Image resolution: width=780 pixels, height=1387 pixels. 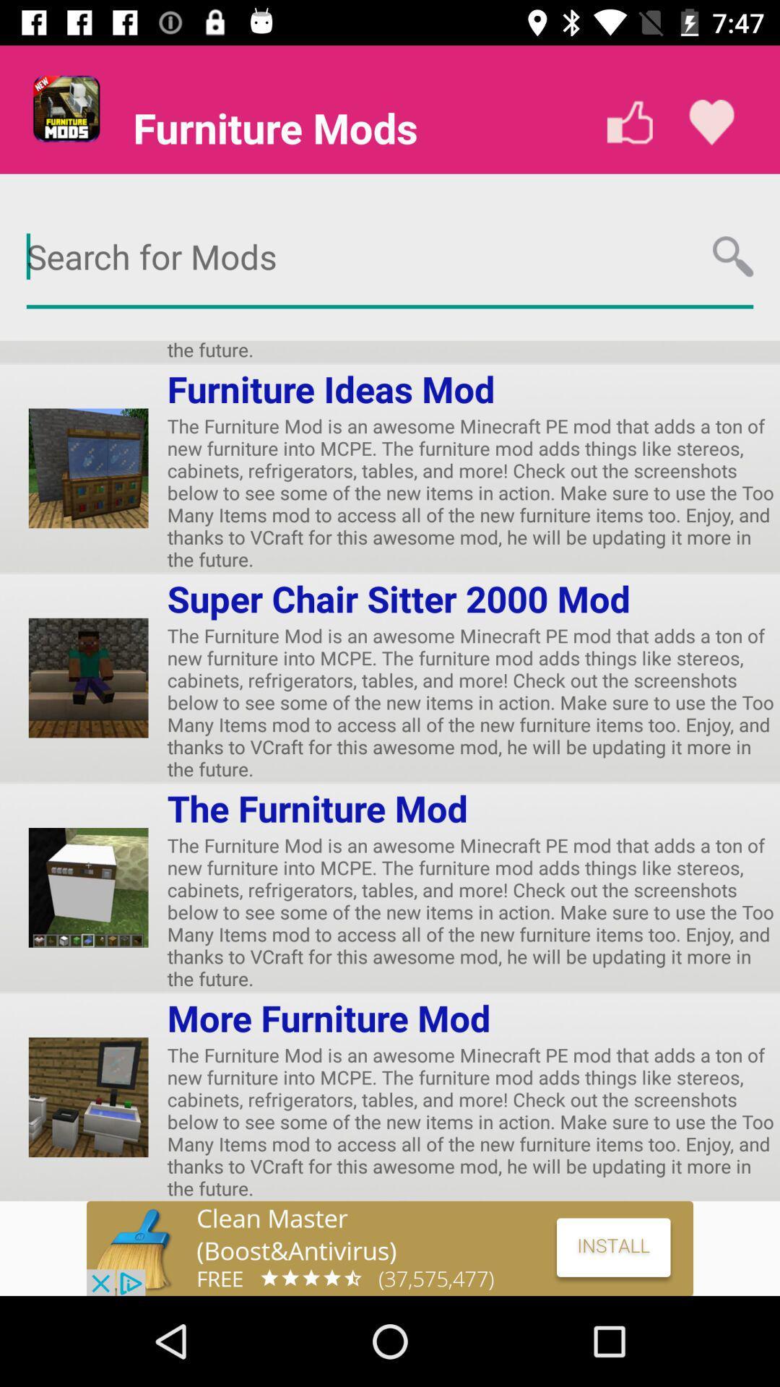 What do you see at coordinates (390, 257) in the screenshot?
I see `open search box` at bounding box center [390, 257].